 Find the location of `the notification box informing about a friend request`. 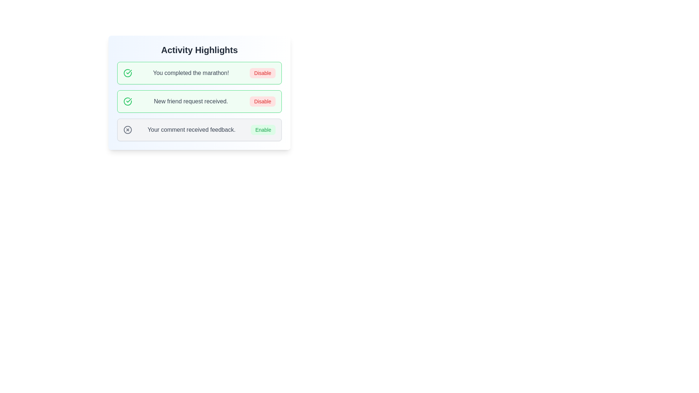

the notification box informing about a friend request is located at coordinates (199, 101).